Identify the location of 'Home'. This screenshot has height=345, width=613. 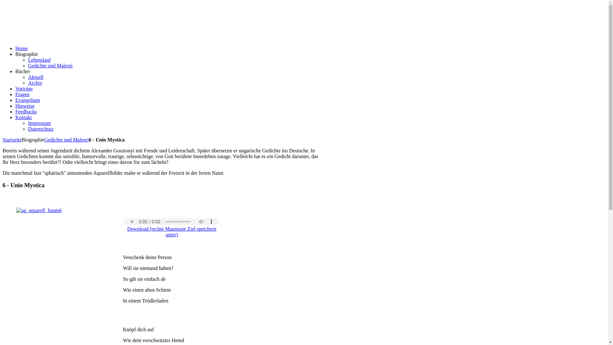
(15, 48).